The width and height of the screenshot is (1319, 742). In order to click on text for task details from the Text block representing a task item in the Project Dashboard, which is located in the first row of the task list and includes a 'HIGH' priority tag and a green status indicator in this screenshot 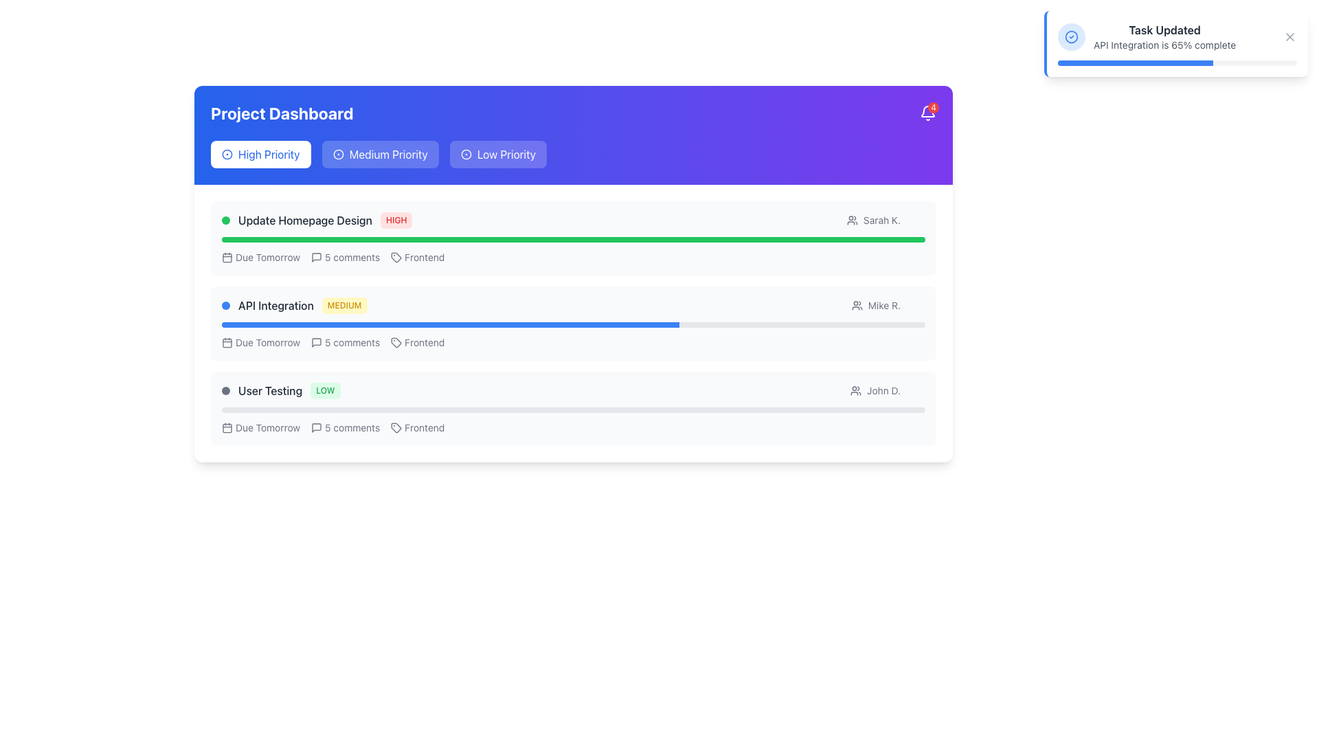, I will do `click(316, 219)`.